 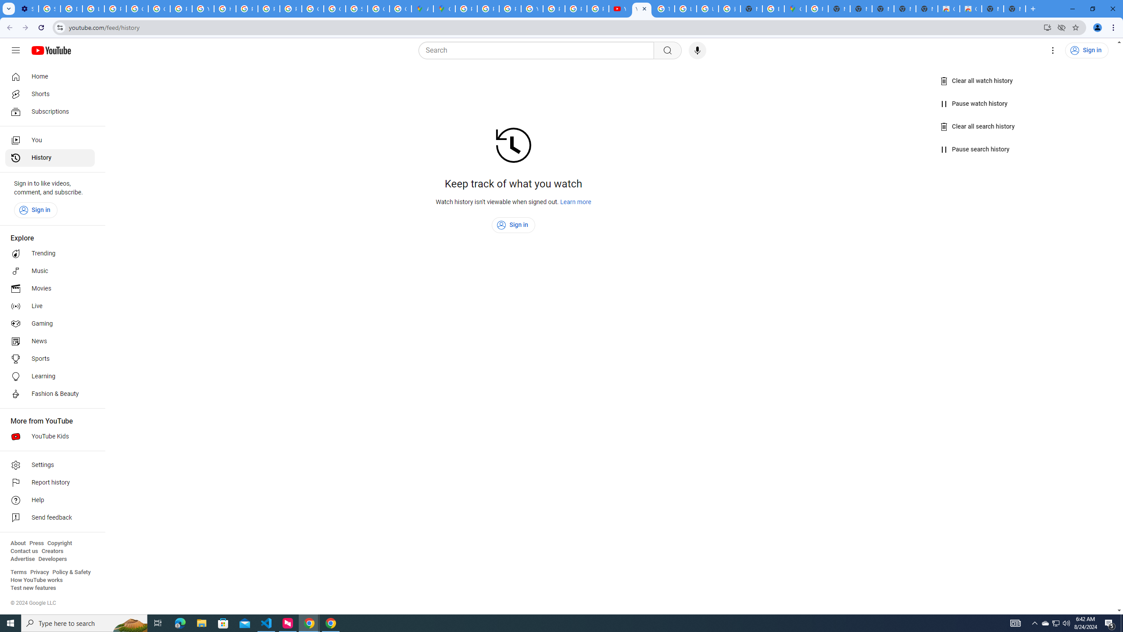 I want to click on 'Home', so click(x=50, y=76).